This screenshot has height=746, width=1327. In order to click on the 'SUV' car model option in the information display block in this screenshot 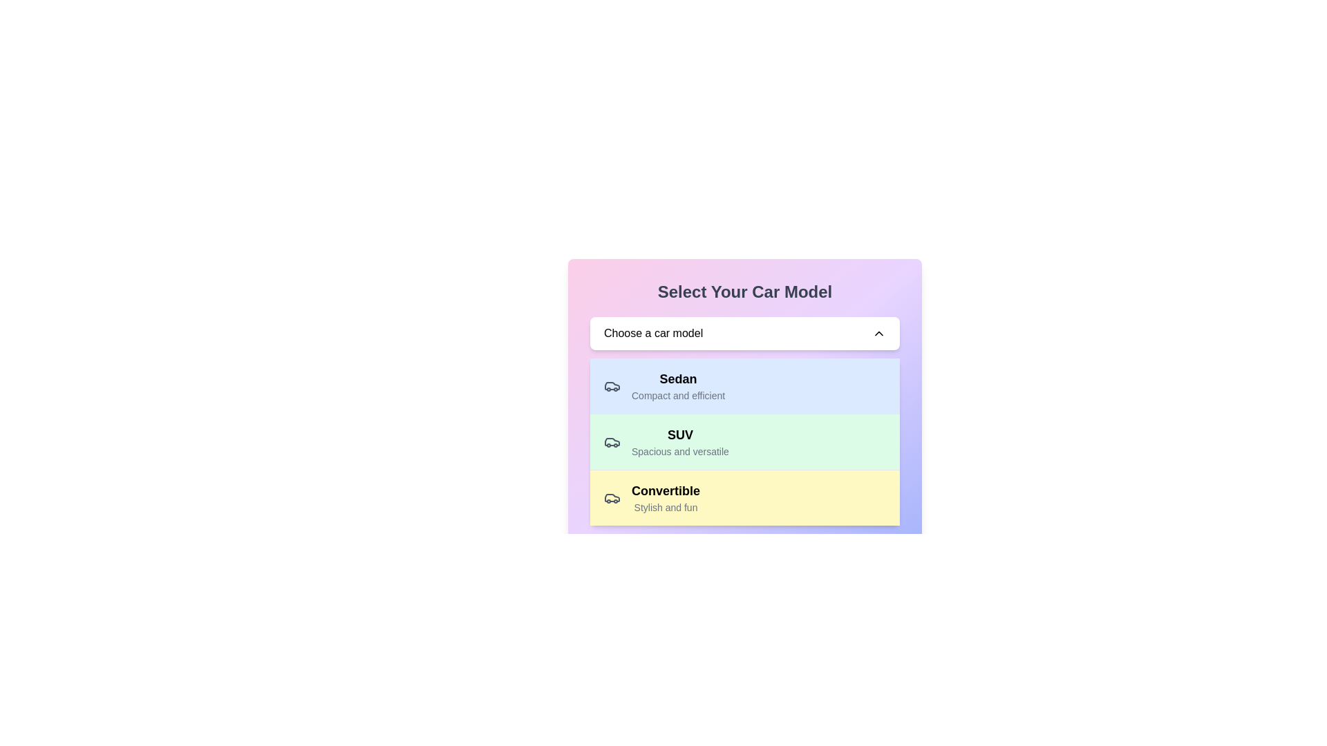, I will do `click(680, 442)`.